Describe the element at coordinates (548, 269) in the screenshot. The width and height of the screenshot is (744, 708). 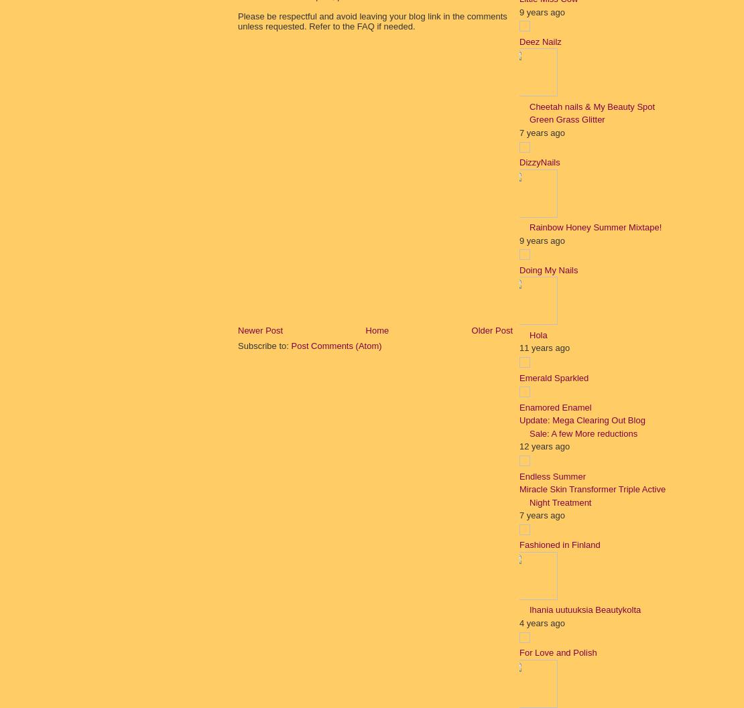
I see `'Doing My Nails'` at that location.